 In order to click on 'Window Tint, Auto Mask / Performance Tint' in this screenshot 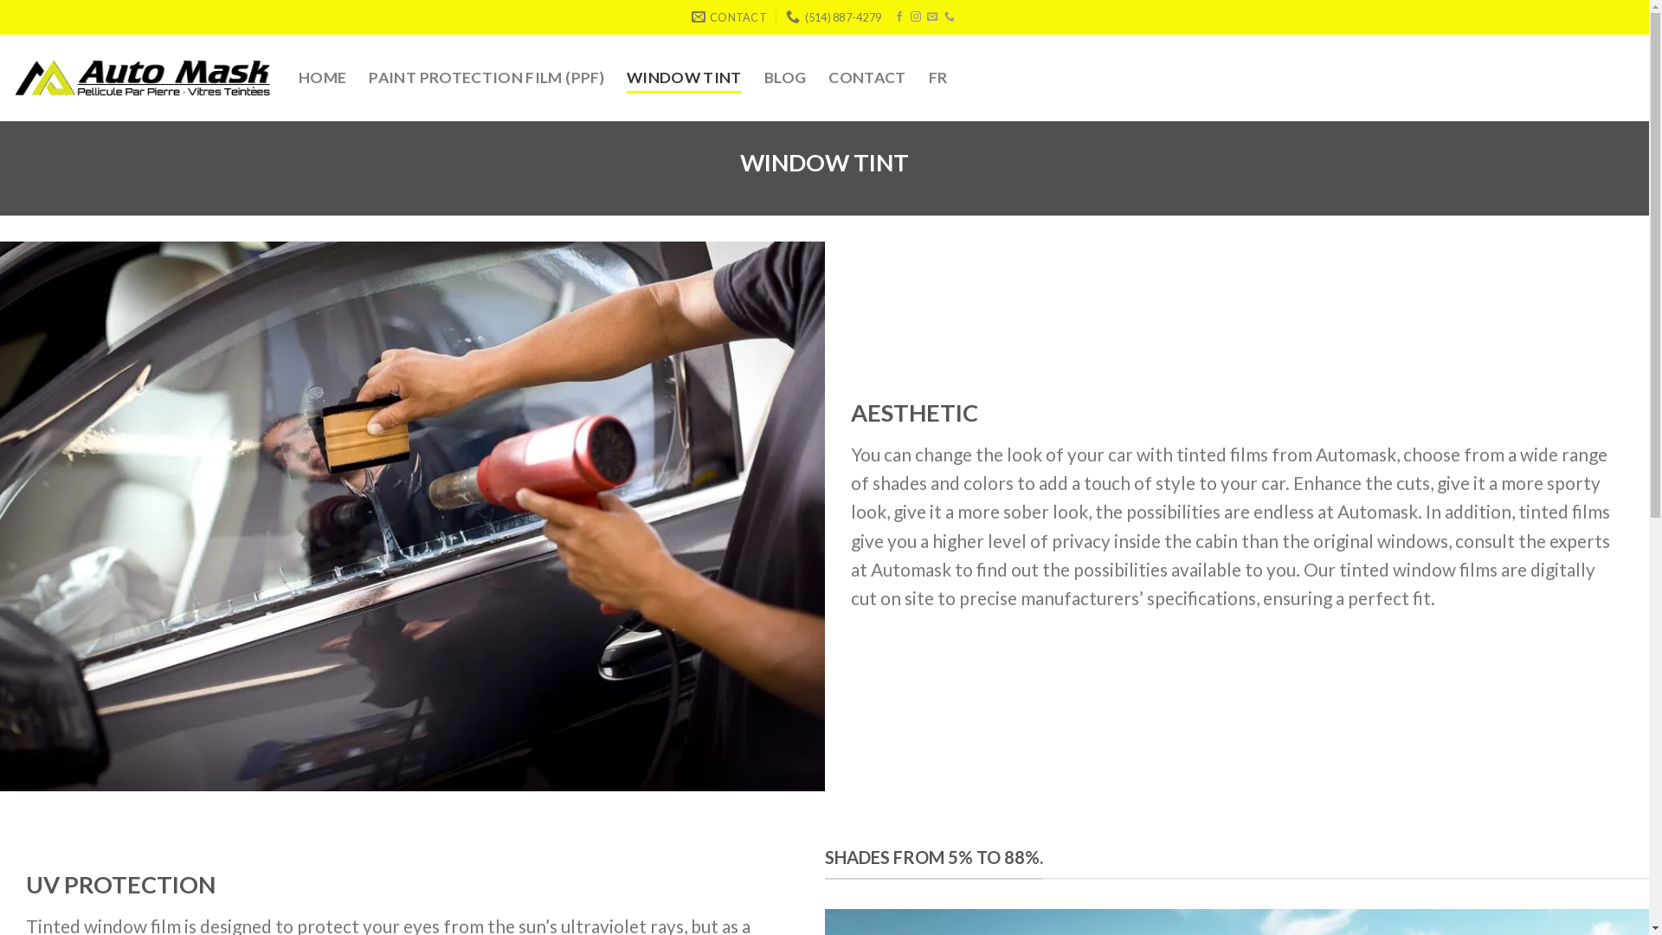, I will do `click(411, 515)`.